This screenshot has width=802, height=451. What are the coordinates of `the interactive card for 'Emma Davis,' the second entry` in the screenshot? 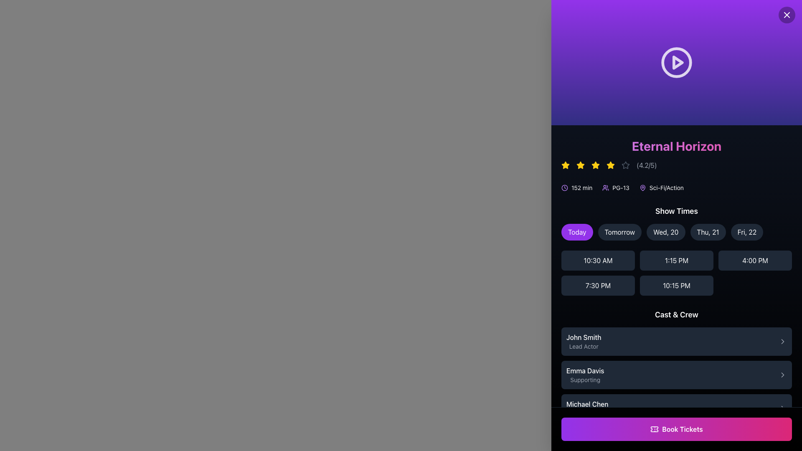 It's located at (677, 375).